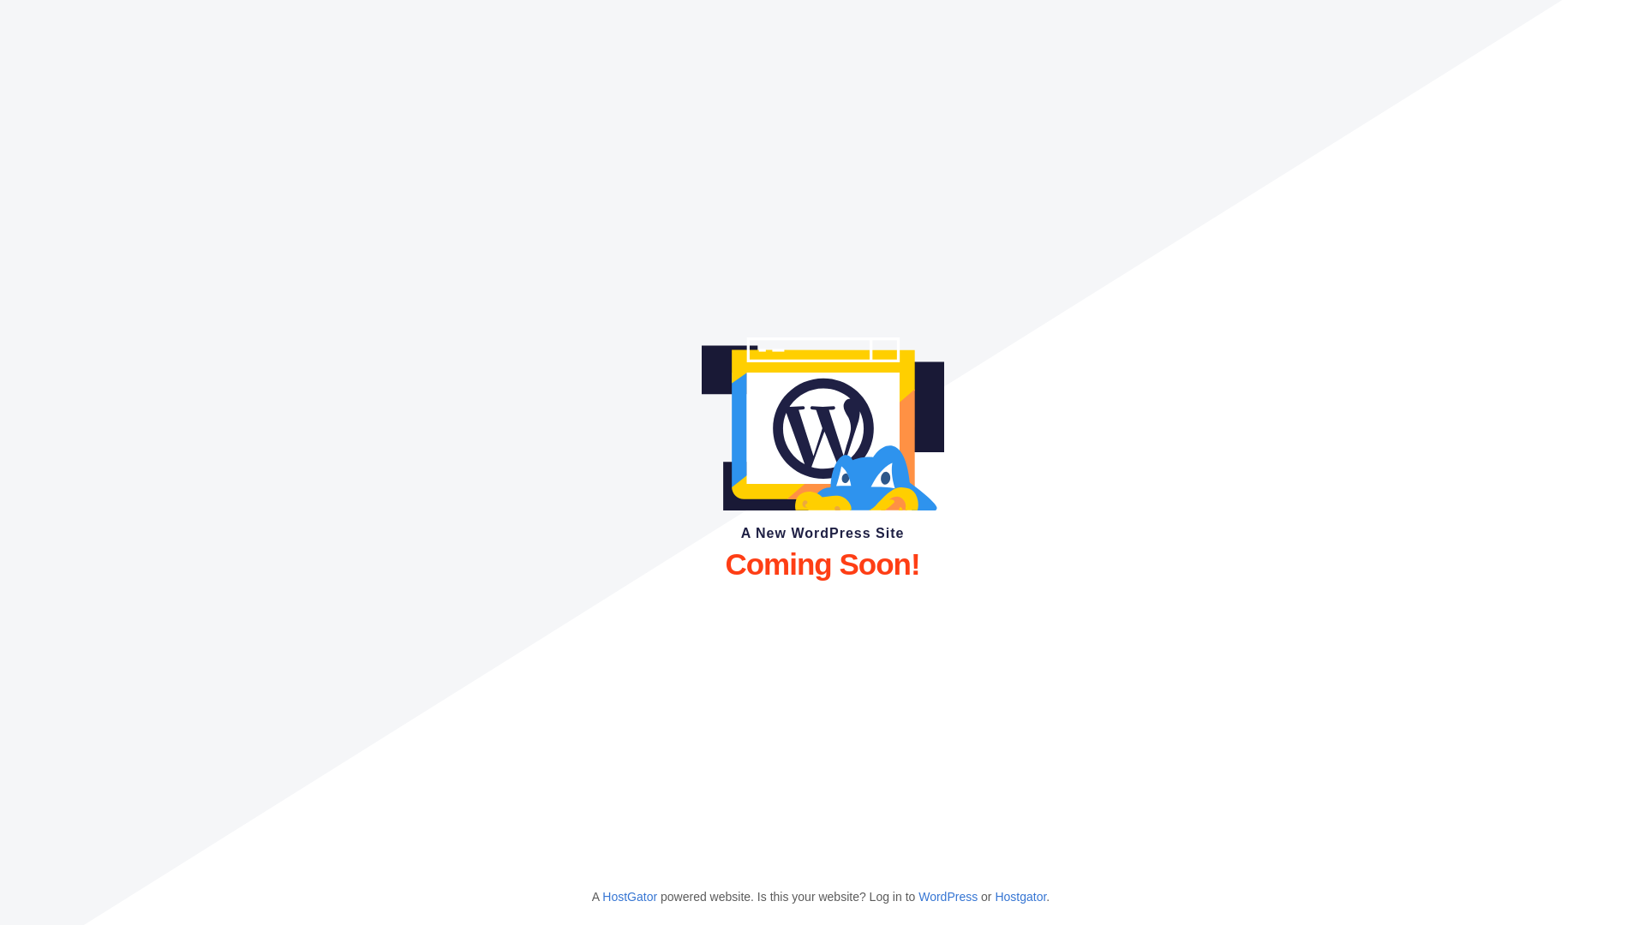 The width and height of the screenshot is (1645, 925). Describe the element at coordinates (1020, 895) in the screenshot. I see `'Hostgator'` at that location.